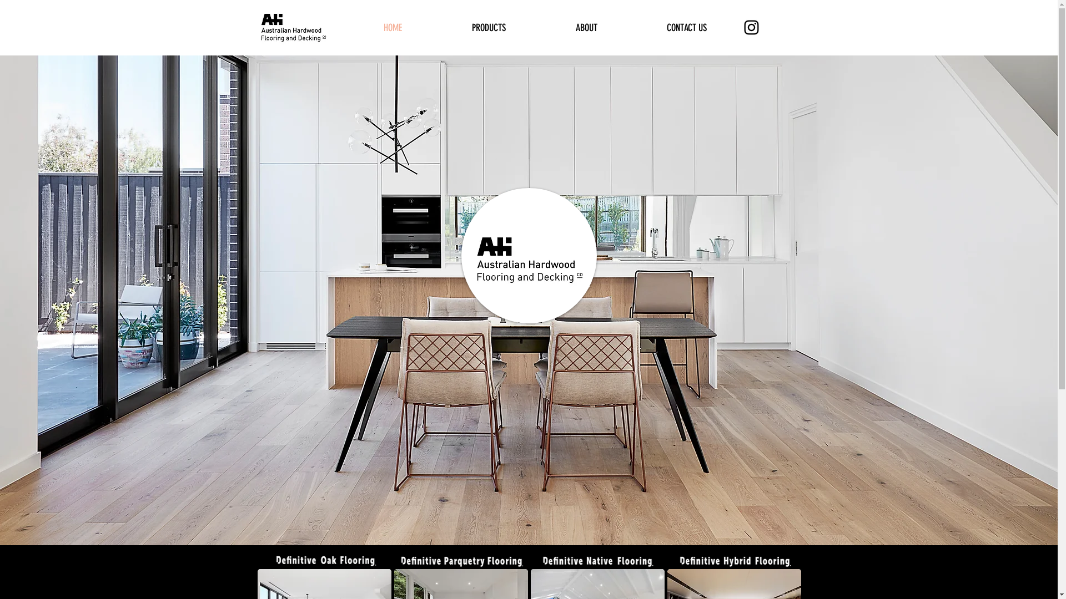 Image resolution: width=1066 pixels, height=599 pixels. Describe the element at coordinates (394, 560) in the screenshot. I see `'Definitive Parquetry Flooring_Light_Text.png'` at that location.